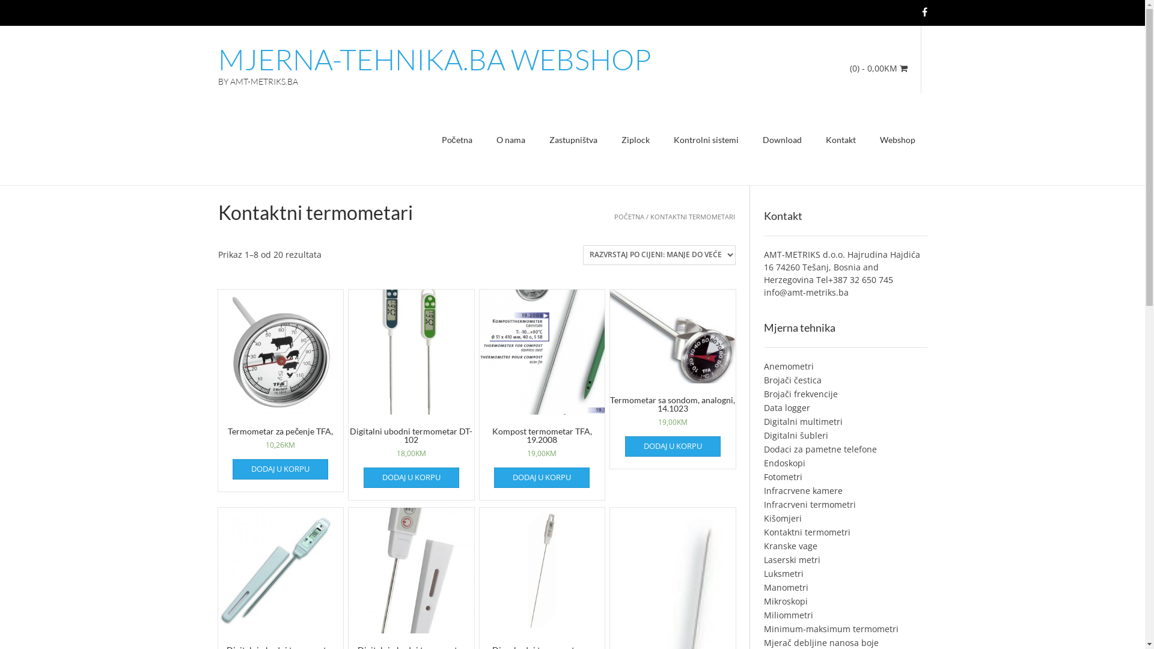 Image resolution: width=1154 pixels, height=649 pixels. Describe the element at coordinates (787, 407) in the screenshot. I see `'Data logger'` at that location.